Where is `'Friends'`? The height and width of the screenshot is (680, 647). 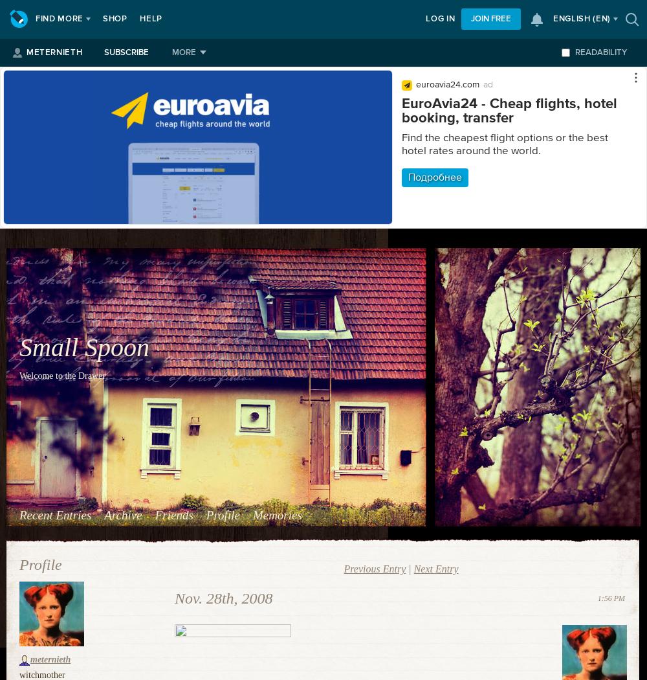 'Friends' is located at coordinates (173, 514).